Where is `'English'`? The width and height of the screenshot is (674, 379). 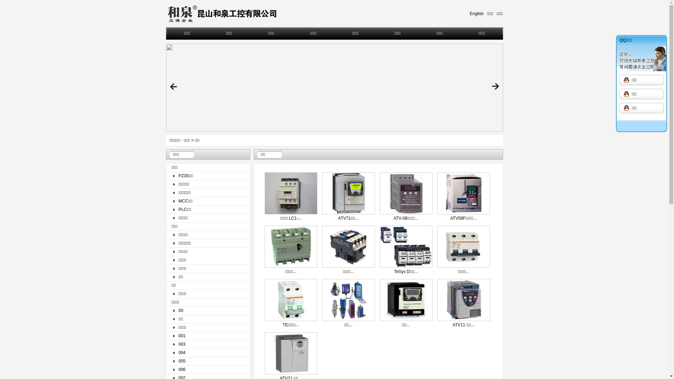
'English' is located at coordinates (476, 13).